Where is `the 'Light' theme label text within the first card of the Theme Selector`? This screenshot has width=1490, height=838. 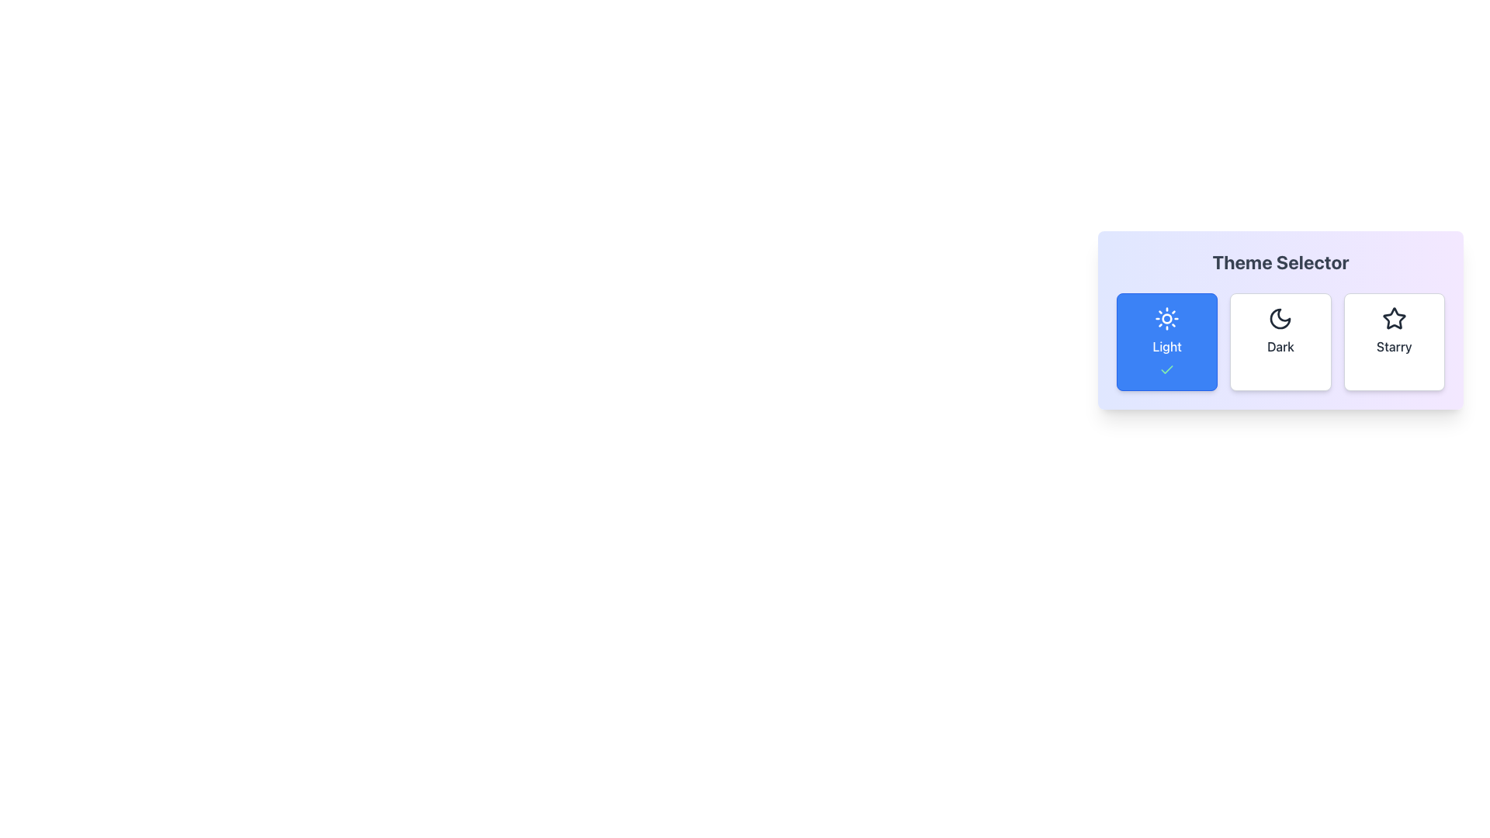 the 'Light' theme label text within the first card of the Theme Selector is located at coordinates (1167, 346).